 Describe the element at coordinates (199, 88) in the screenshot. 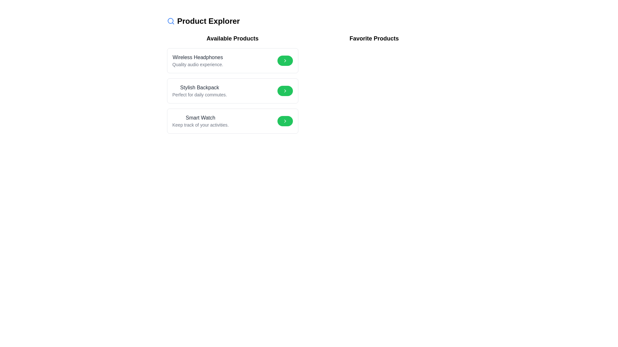

I see `the static text label for the product 'Stylish Backpack', which serves as the primary identification for this product entry` at that location.